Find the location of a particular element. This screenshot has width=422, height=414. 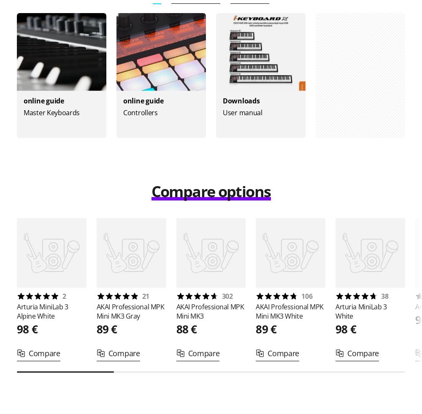

'MiniLab 3 Alpine White' is located at coordinates (42, 311).